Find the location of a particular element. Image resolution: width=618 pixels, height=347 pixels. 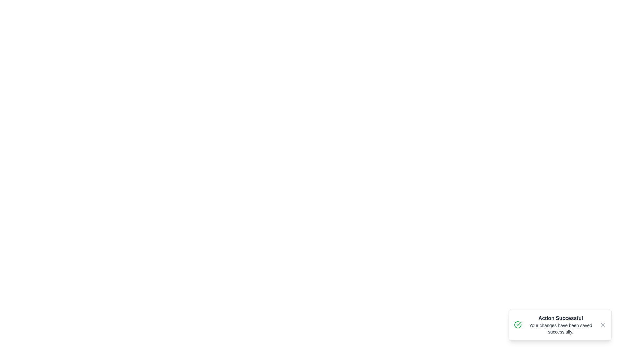

the success icon to visually inspect it is located at coordinates (518, 325).